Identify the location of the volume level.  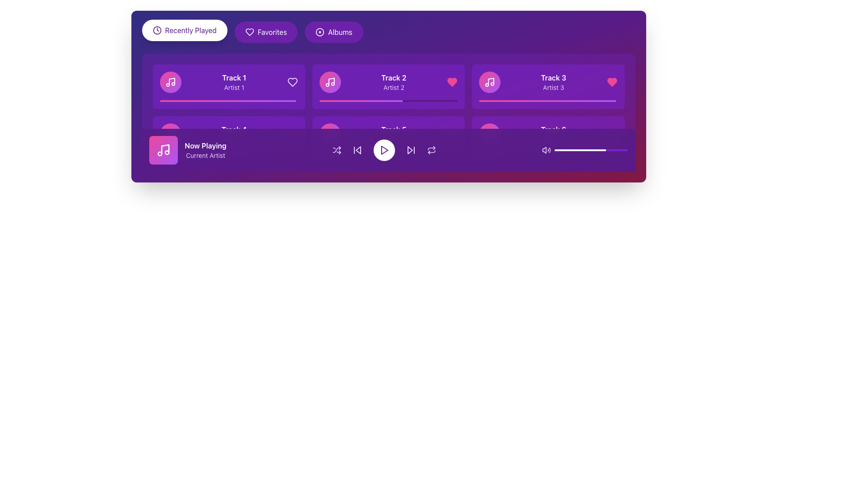
(565, 149).